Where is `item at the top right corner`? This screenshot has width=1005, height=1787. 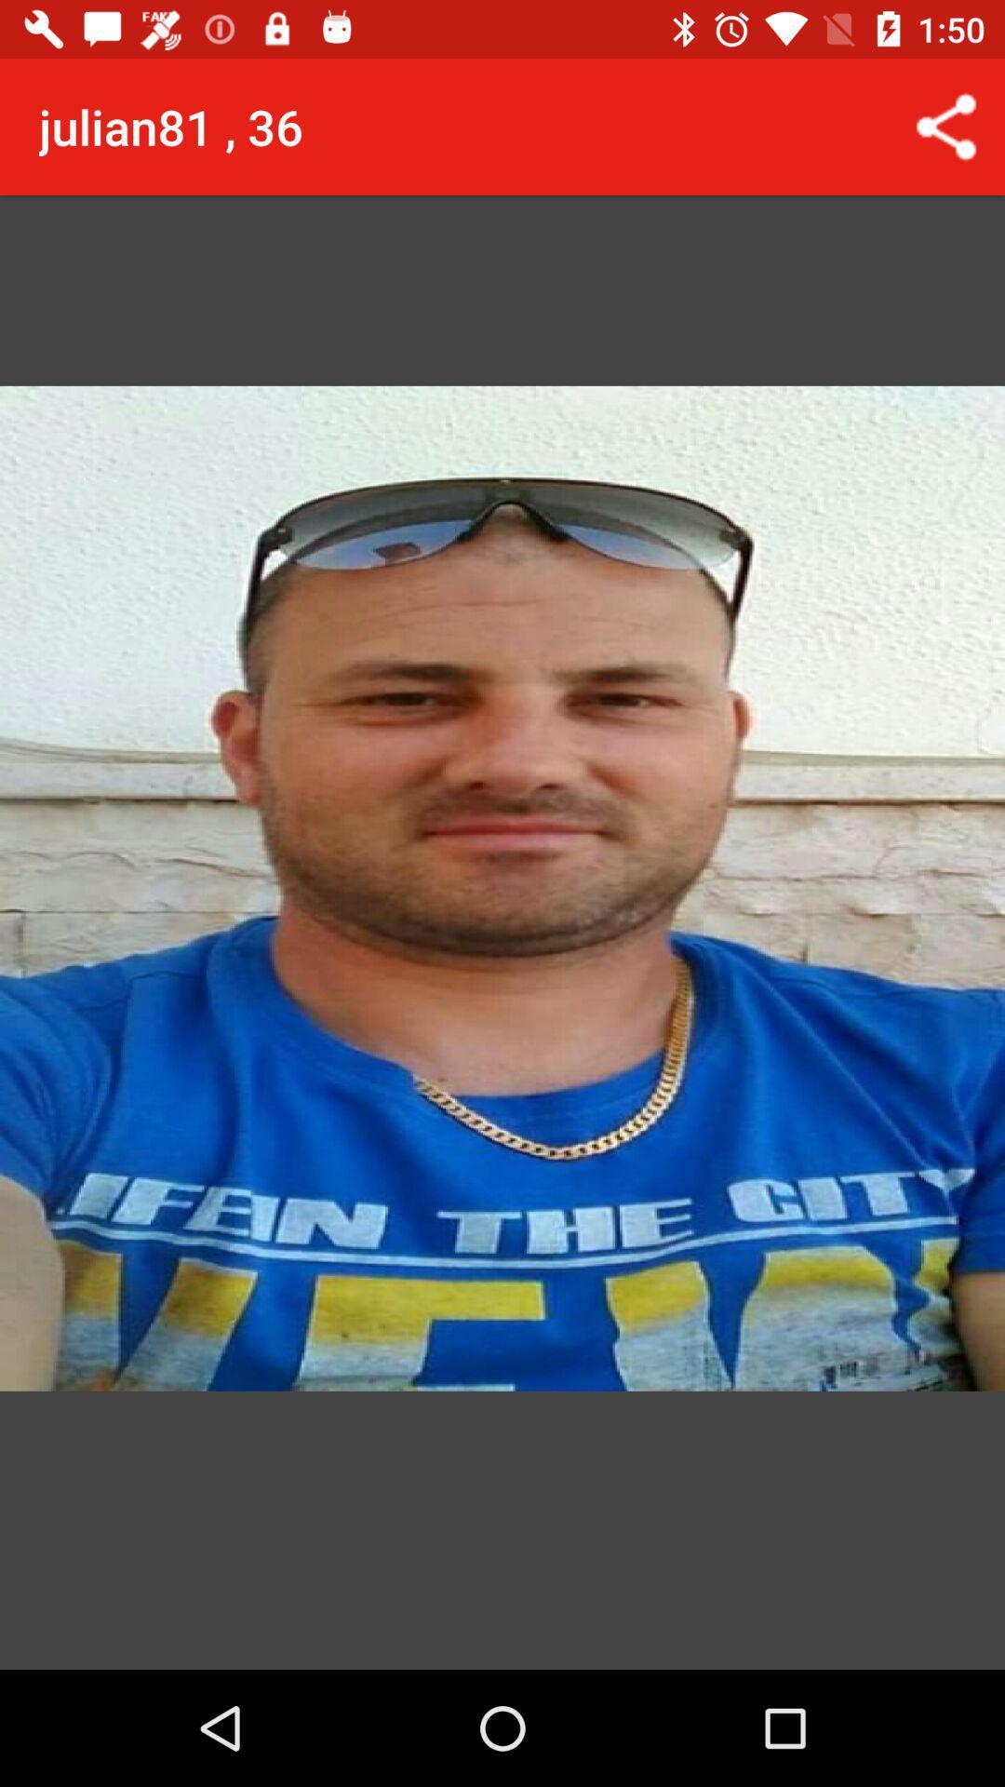
item at the top right corner is located at coordinates (946, 126).